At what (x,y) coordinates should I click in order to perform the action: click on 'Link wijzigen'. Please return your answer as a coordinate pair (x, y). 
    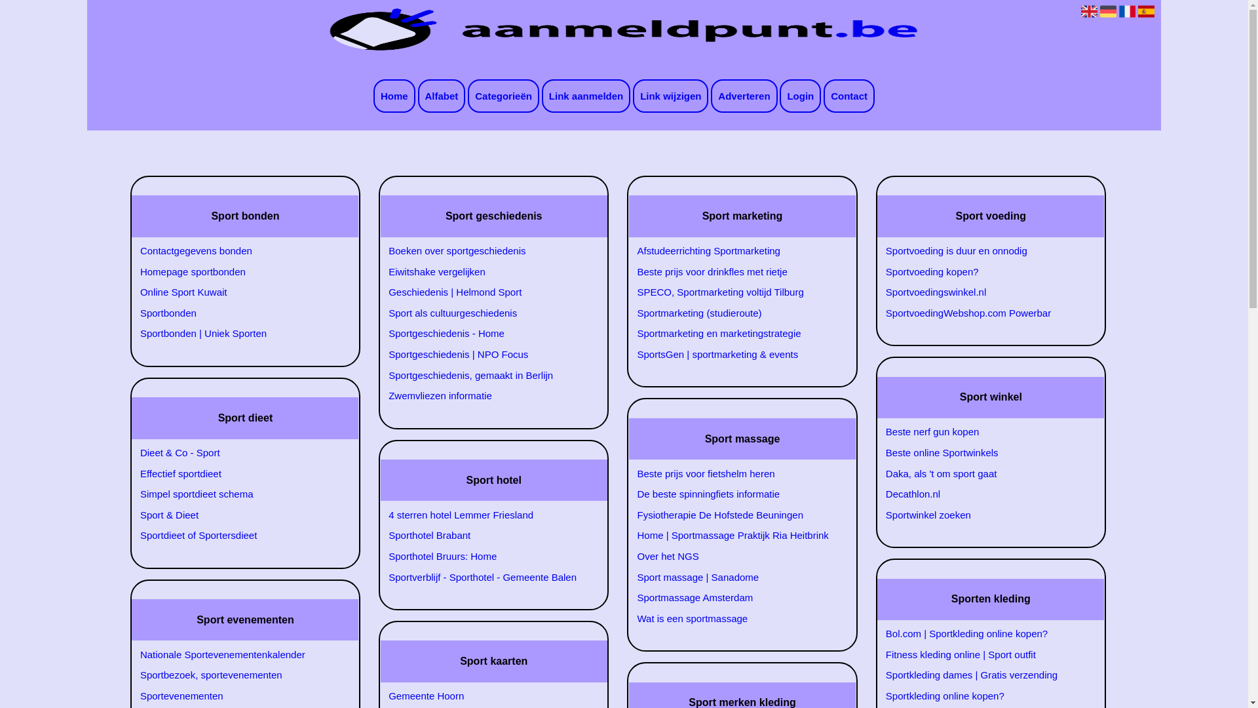
    Looking at the image, I should click on (670, 95).